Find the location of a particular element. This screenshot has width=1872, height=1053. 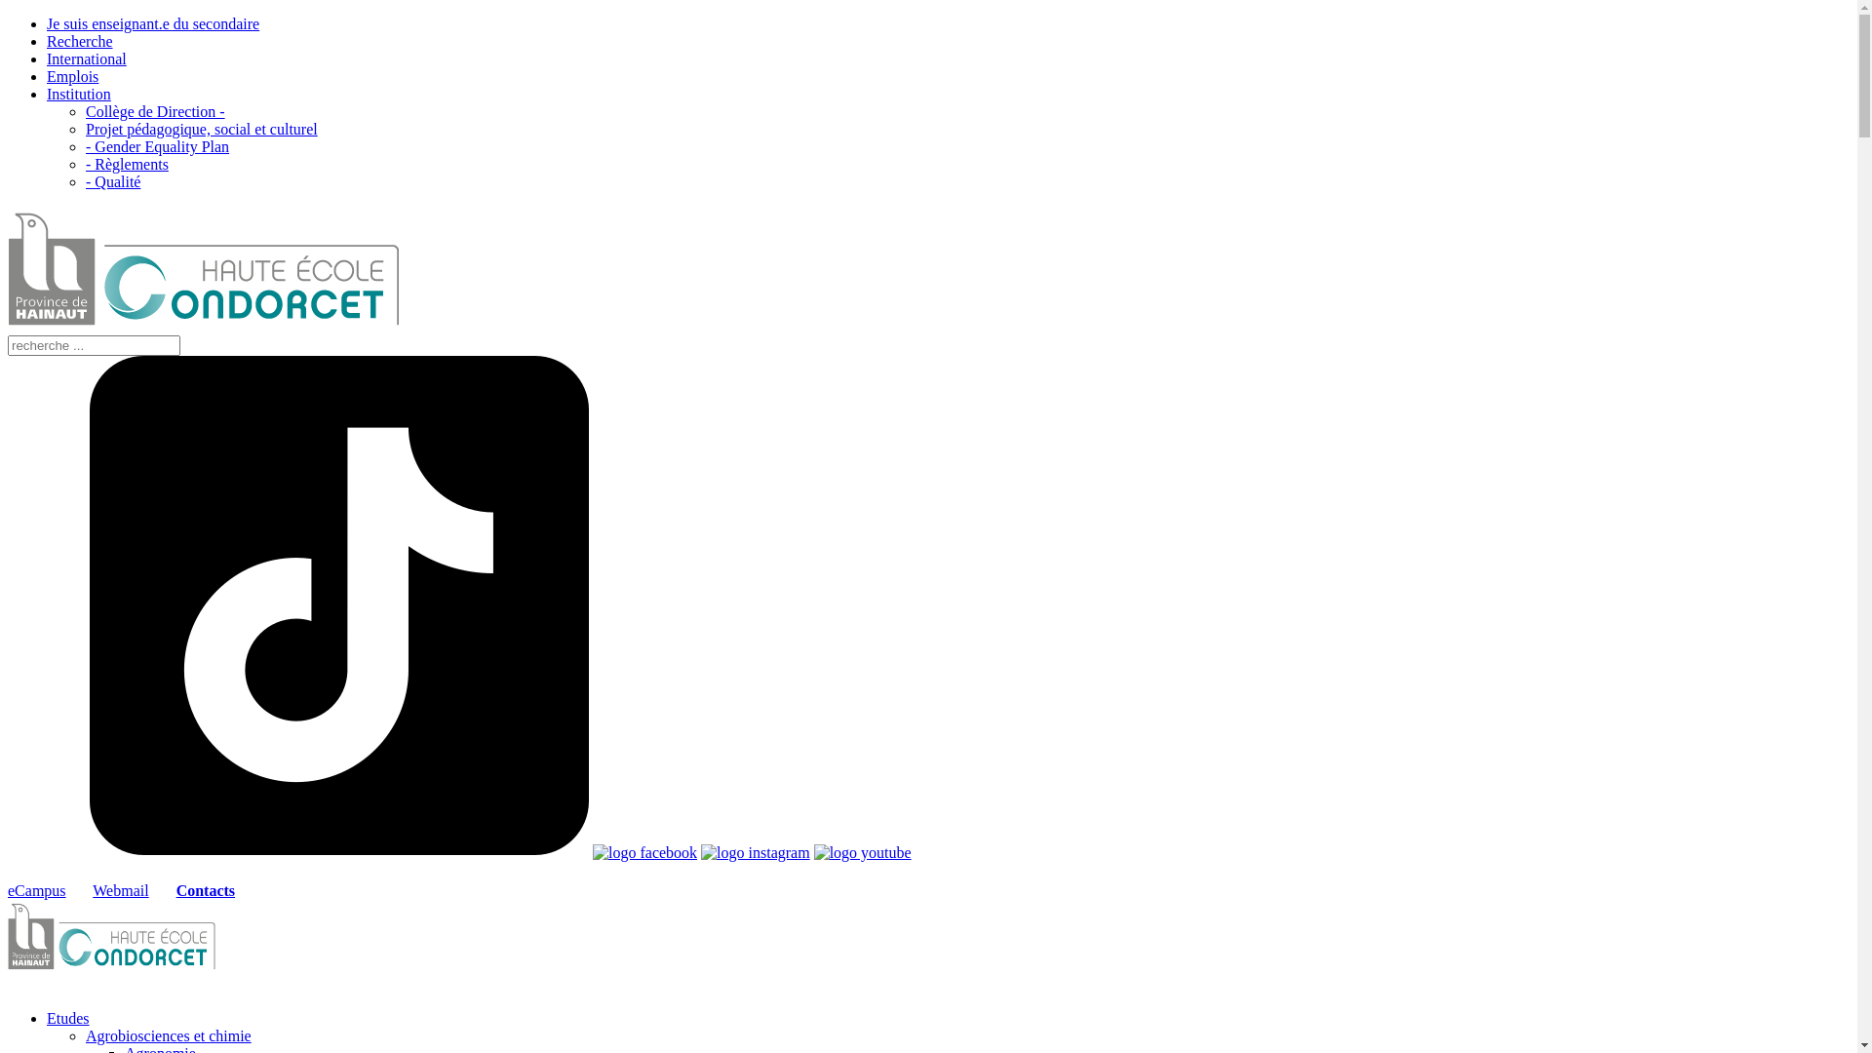

'Je suis enseignant.e du secondaire' is located at coordinates (47, 23).